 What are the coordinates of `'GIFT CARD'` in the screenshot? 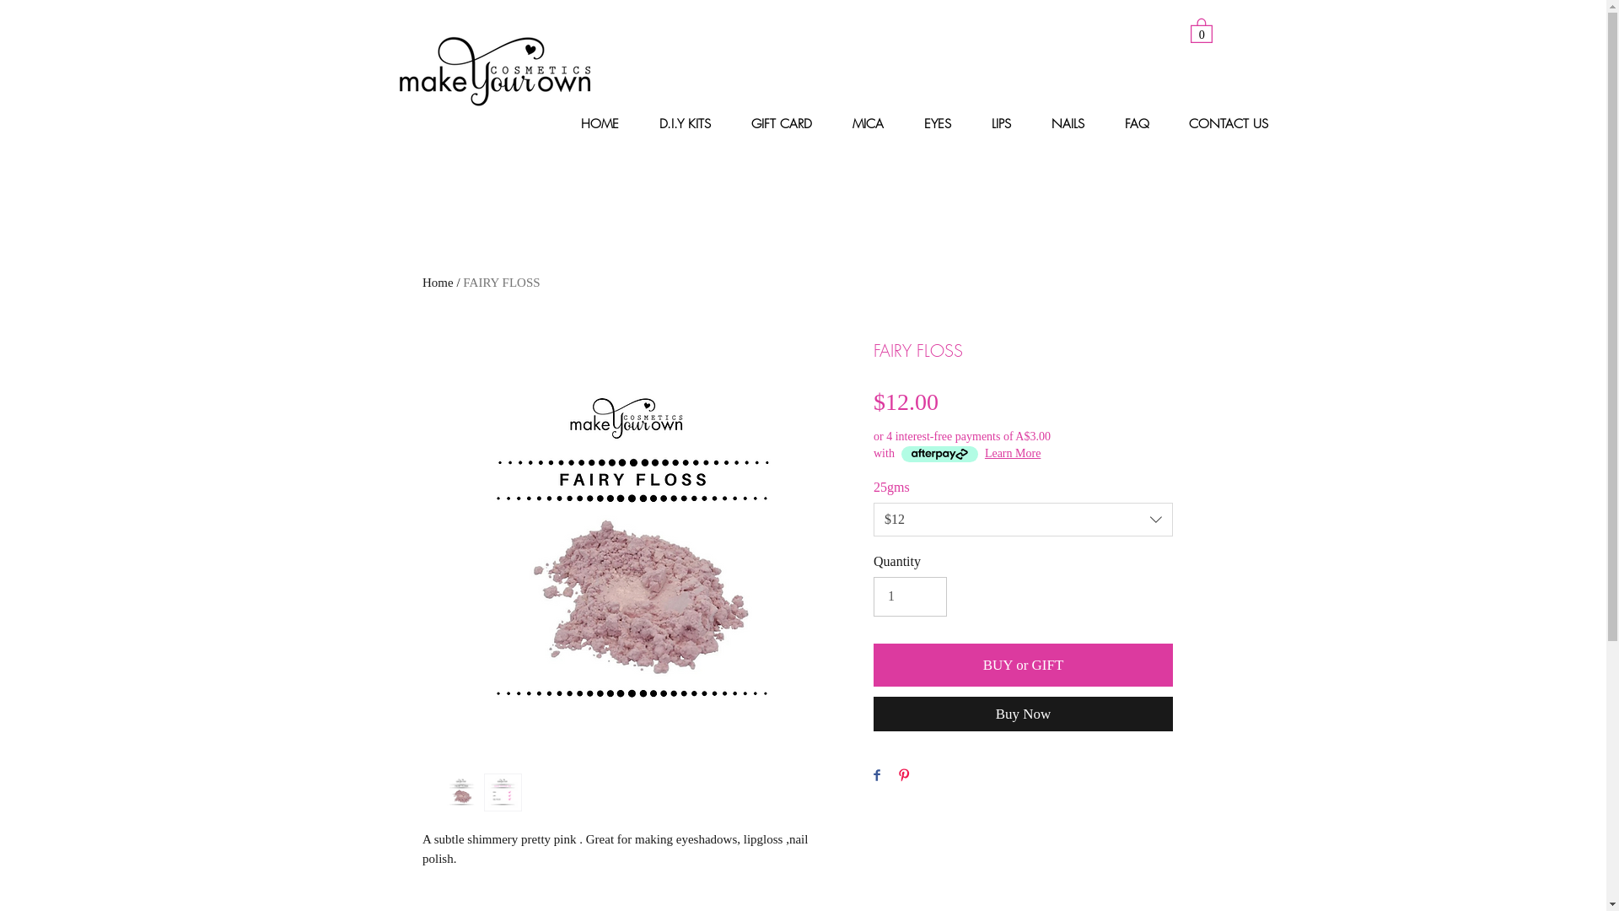 It's located at (788, 123).